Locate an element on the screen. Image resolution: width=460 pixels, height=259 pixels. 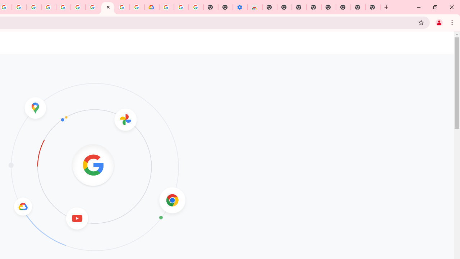
'Chrome' is located at coordinates (452, 22).